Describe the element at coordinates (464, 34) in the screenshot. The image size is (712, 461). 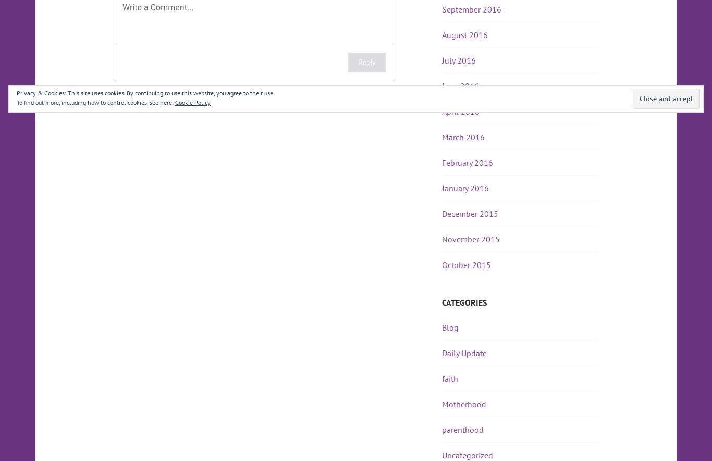
I see `'August 2016'` at that location.